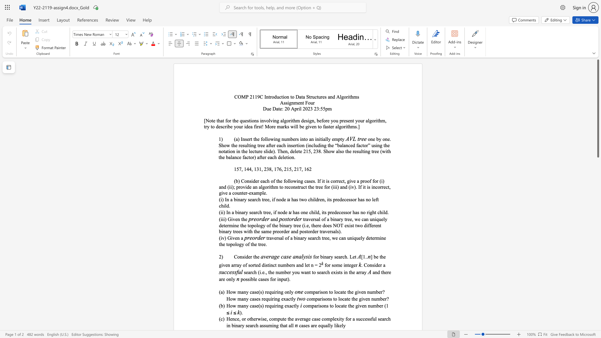 This screenshot has width=601, height=338. Describe the element at coordinates (598, 222) in the screenshot. I see `the page's right scrollbar for downward movement` at that location.